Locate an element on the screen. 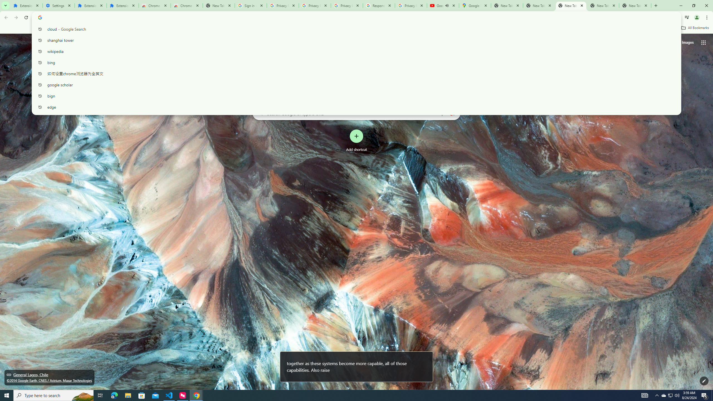 The image size is (713, 401). 'Add shortcut' is located at coordinates (356, 141).